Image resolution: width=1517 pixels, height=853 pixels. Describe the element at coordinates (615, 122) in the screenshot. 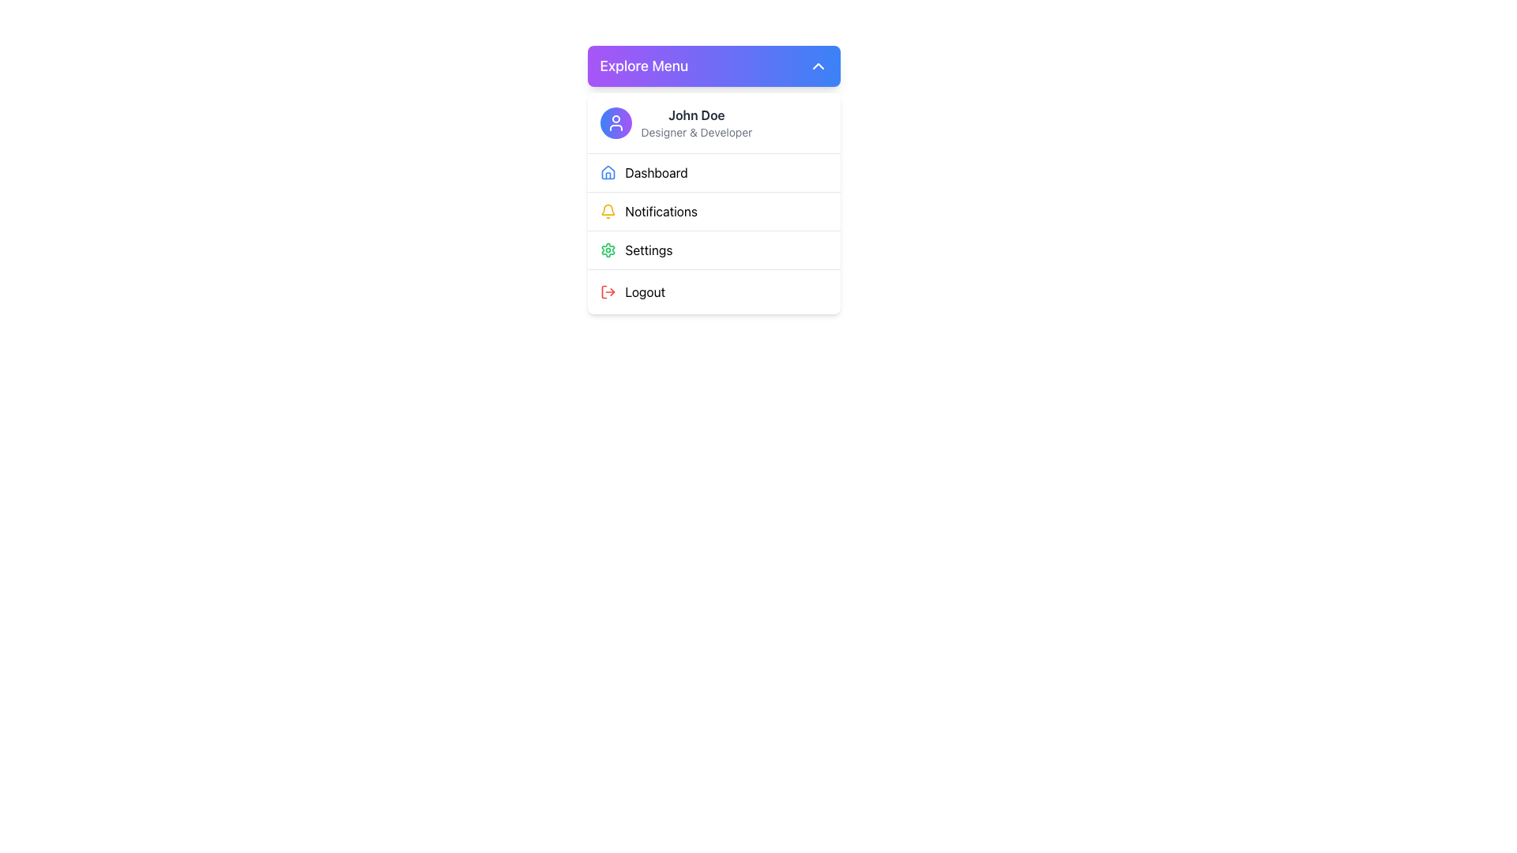

I see `the circular user profile icon with a gradient background` at that location.